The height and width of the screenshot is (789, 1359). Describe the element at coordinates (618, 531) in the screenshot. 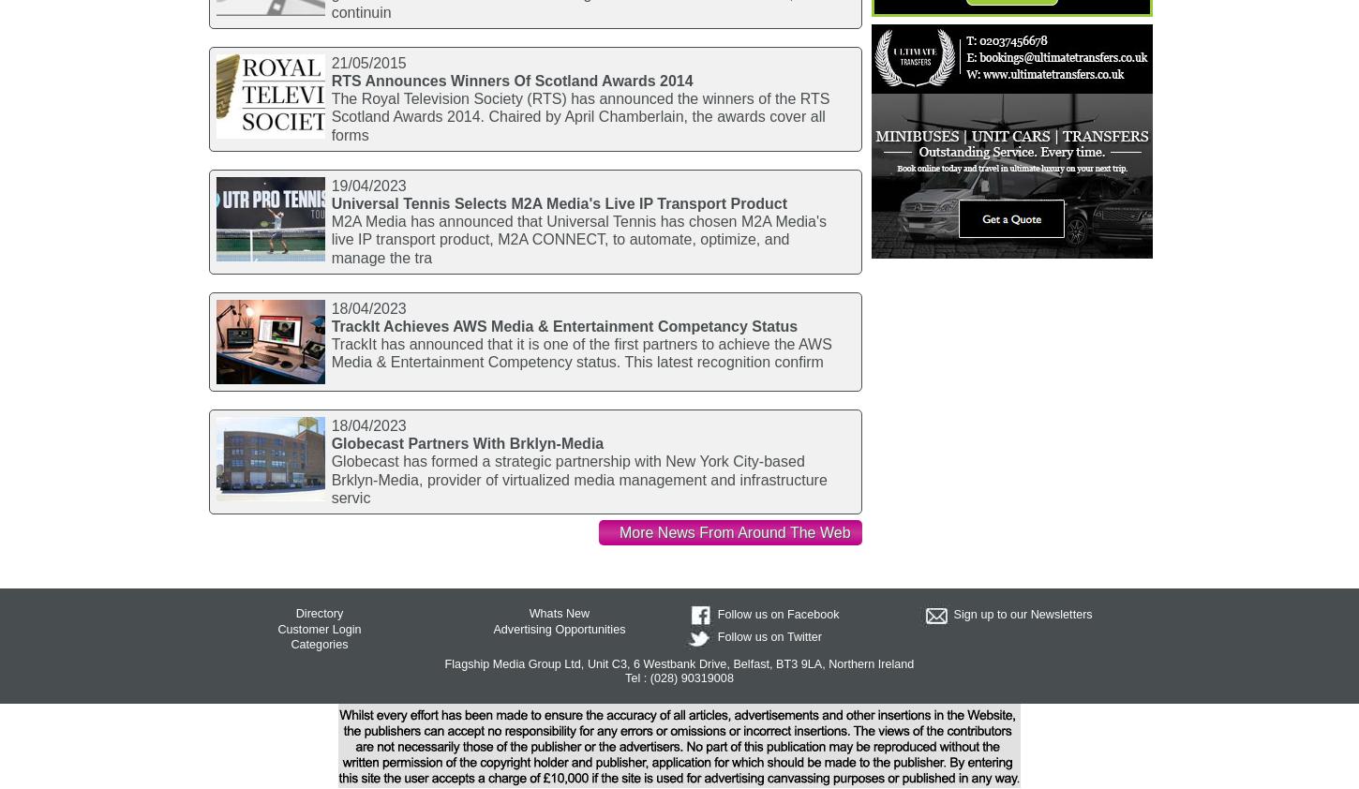

I see `'More News From Around The Web'` at that location.